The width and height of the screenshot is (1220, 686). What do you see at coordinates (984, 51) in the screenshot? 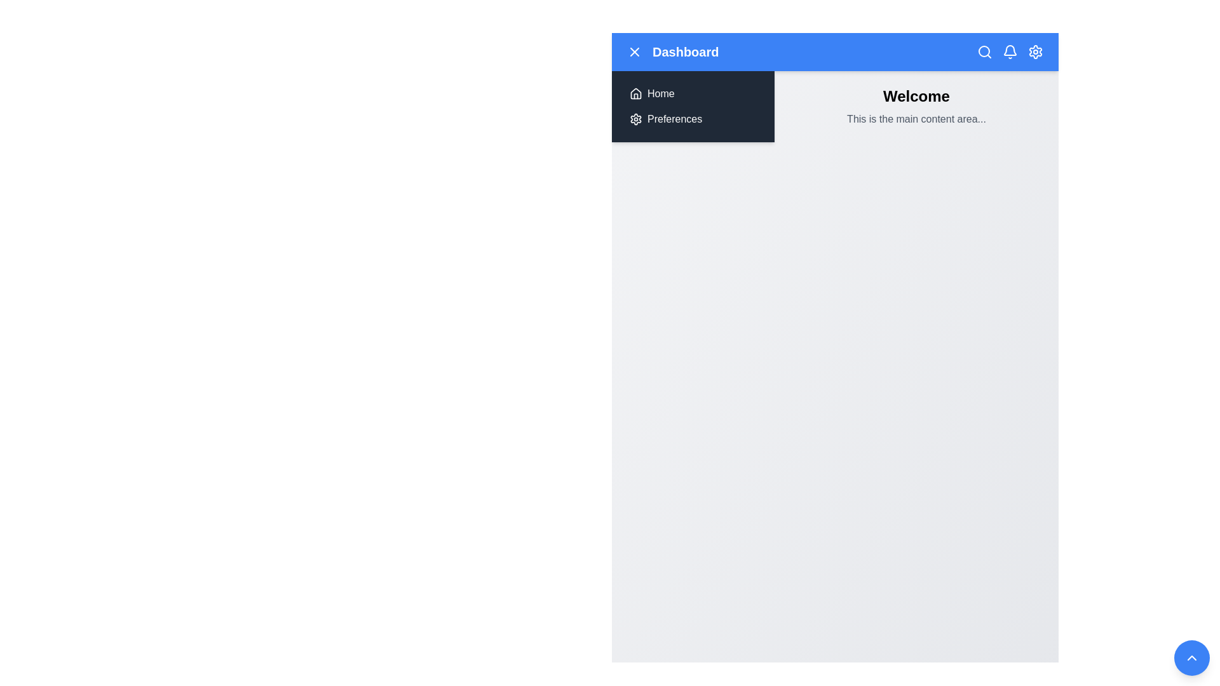
I see `styling of the SVG Circle element that is part of the search icon, located near the top-right corner of the header` at bounding box center [984, 51].